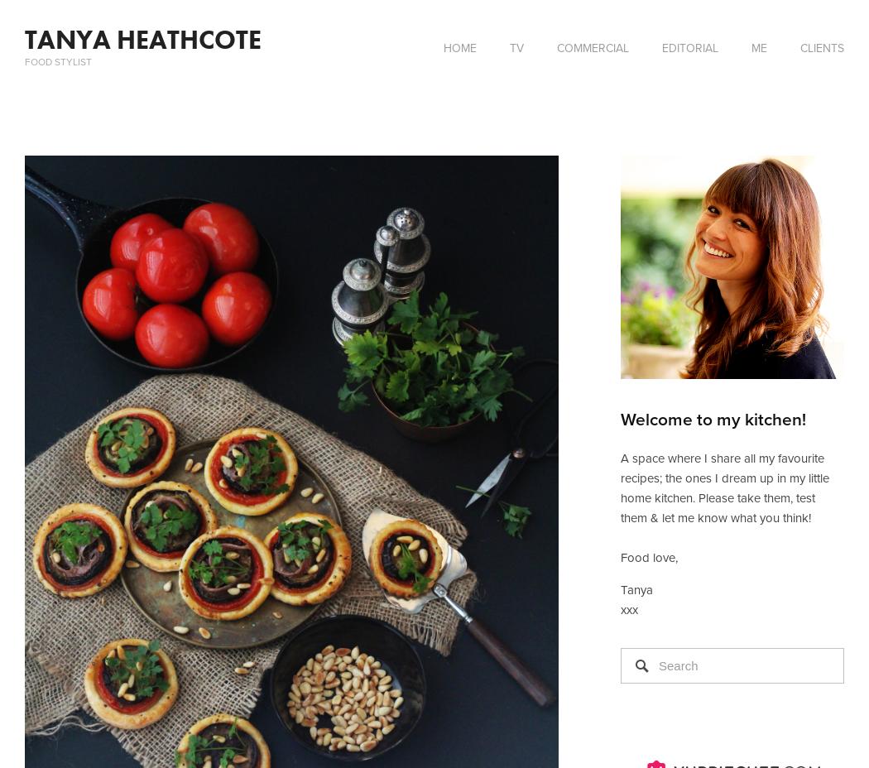 This screenshot has width=869, height=768. Describe the element at coordinates (459, 47) in the screenshot. I see `'HOME'` at that location.